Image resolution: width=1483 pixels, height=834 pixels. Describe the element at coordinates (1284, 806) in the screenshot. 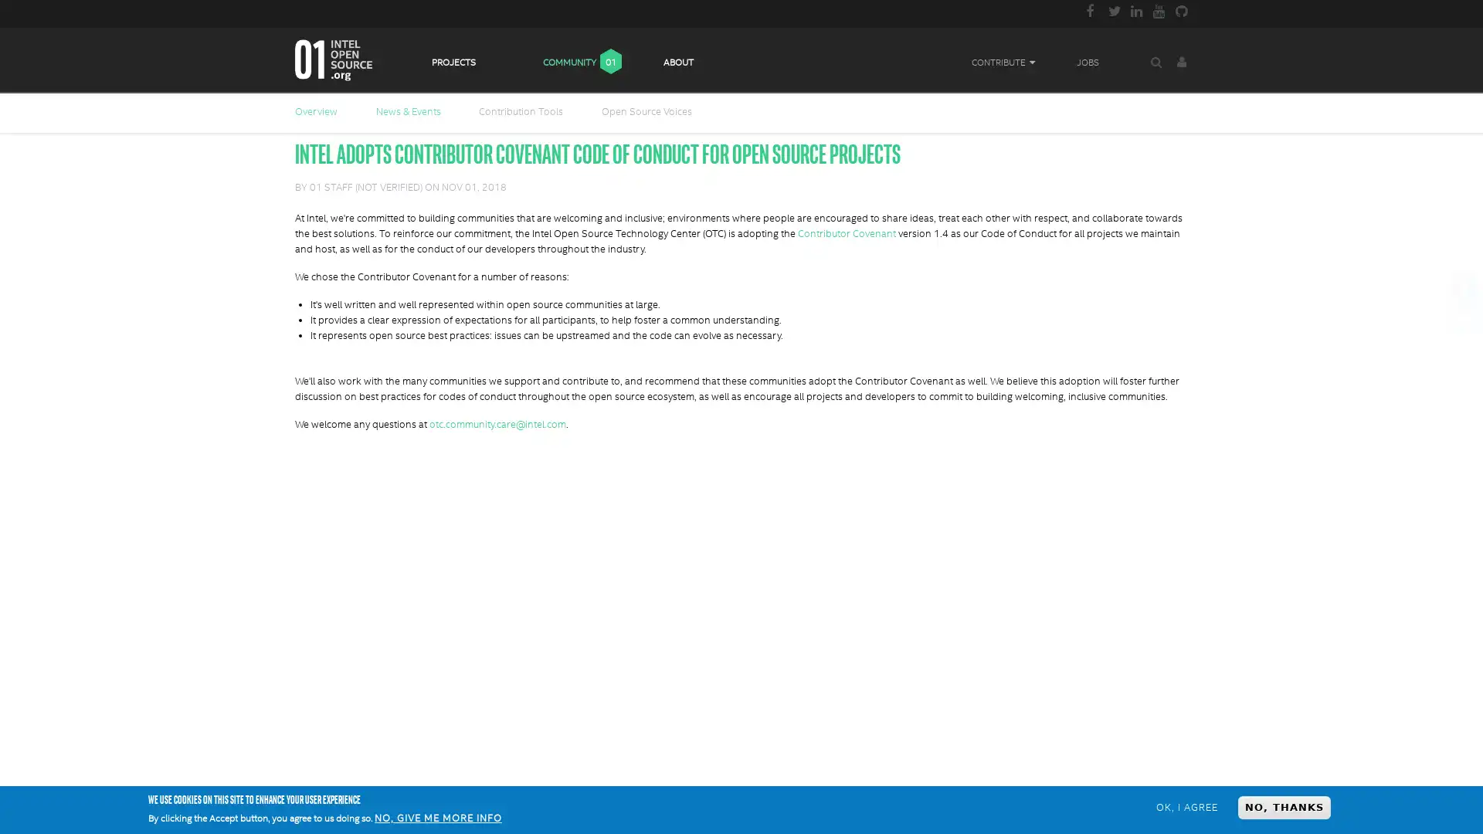

I see `NO, THANKS` at that location.